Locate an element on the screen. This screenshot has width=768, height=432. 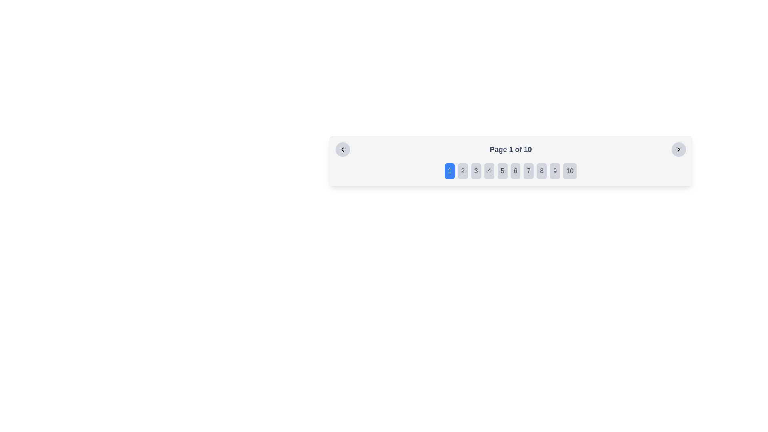
the circular button containing the right-facing chevron arrow icon at the top-right corner of the pagination control bar to trigger hover effects is located at coordinates (678, 150).